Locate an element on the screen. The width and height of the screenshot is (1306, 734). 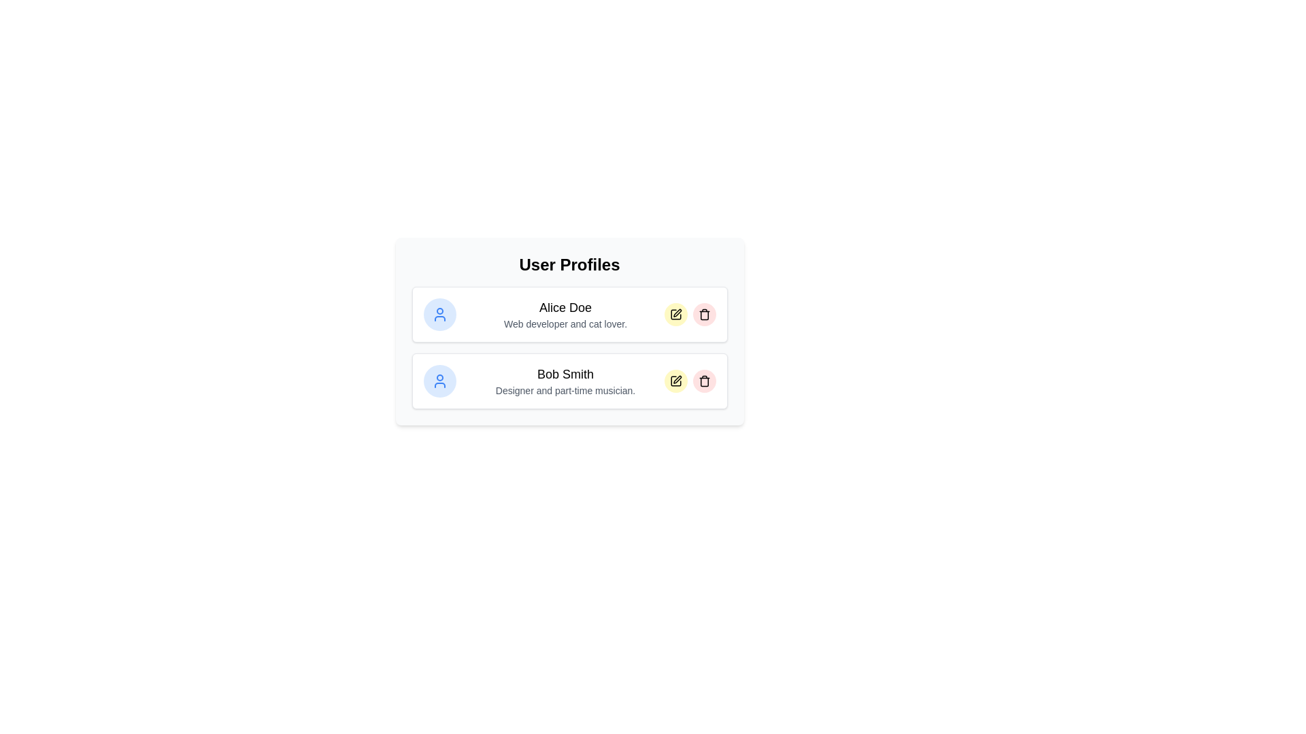
the profile avatar of Bob Smith is located at coordinates (439, 381).